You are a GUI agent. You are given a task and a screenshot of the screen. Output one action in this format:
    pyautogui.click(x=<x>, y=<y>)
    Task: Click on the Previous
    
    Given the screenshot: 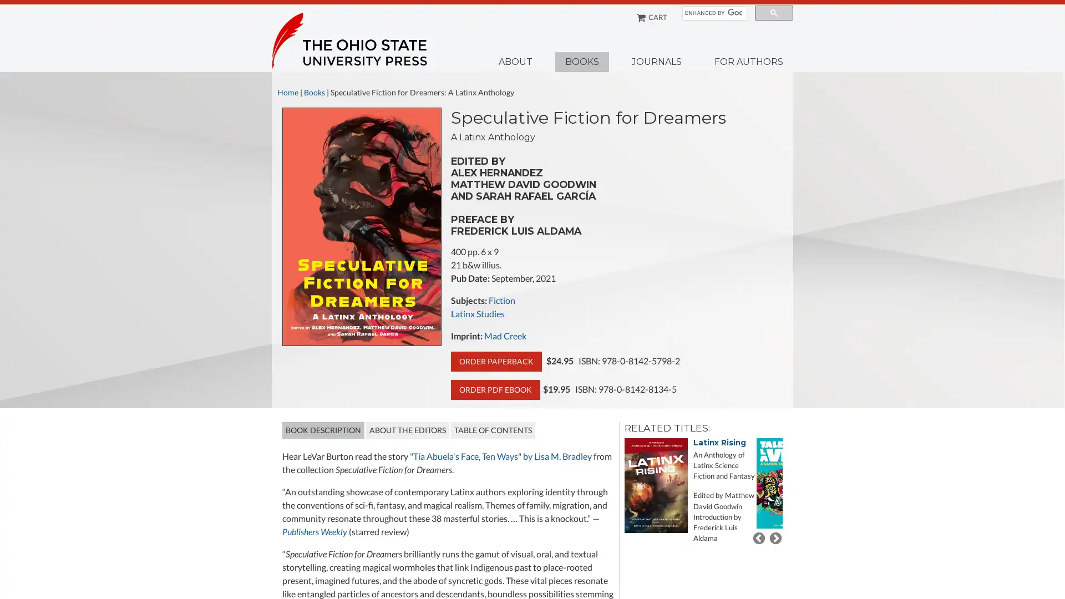 What is the action you would take?
    pyautogui.click(x=758, y=537)
    